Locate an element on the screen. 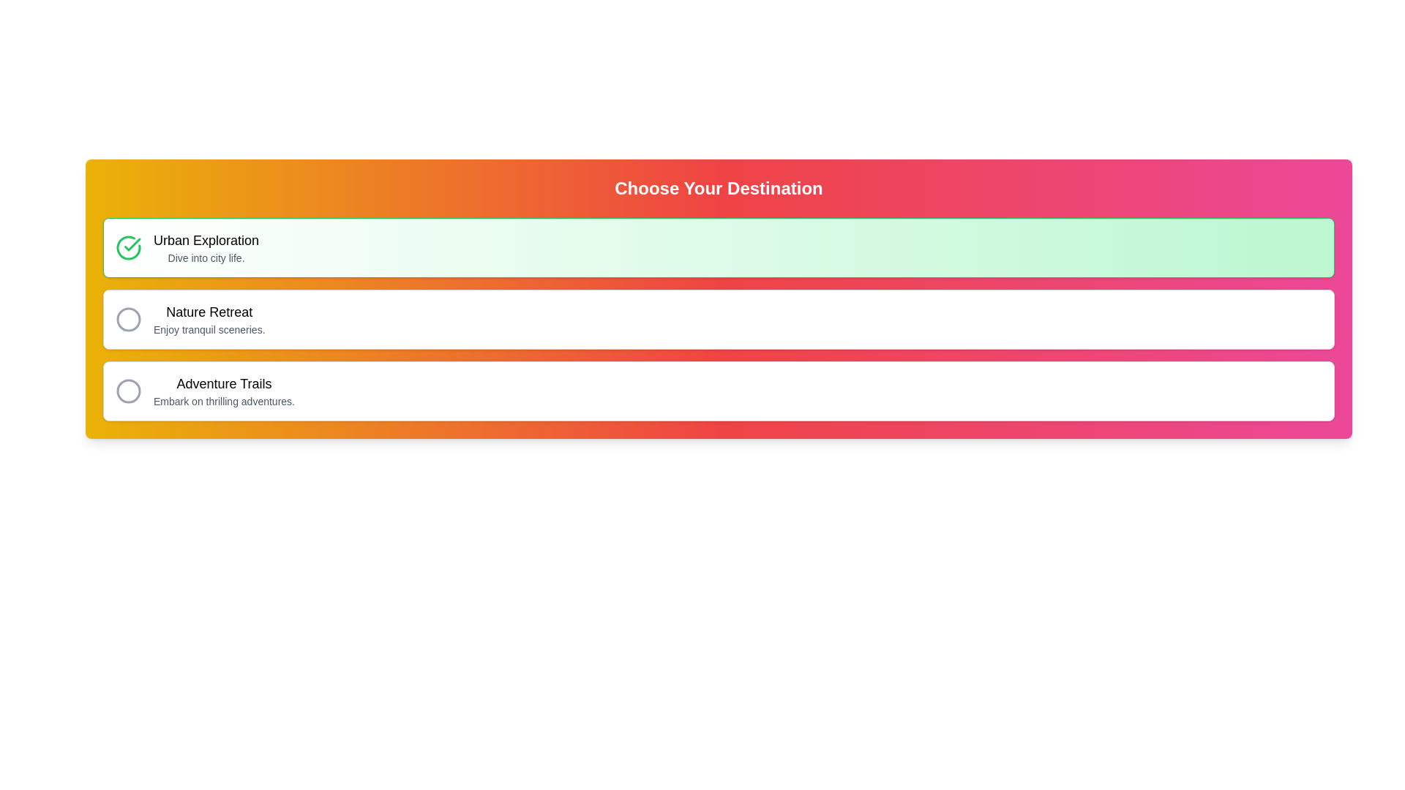 This screenshot has width=1405, height=790. the smaller SVG circle element that represents a placeholder or inactive state within an interactive list, located to the left of the 'Nature Retreat' text is located at coordinates (129, 318).